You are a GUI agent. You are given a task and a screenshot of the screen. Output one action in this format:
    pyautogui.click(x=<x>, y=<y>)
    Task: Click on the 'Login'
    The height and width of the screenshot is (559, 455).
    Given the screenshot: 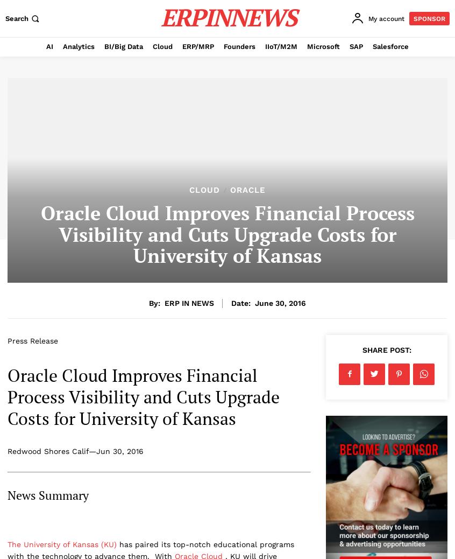 What is the action you would take?
    pyautogui.click(x=368, y=72)
    